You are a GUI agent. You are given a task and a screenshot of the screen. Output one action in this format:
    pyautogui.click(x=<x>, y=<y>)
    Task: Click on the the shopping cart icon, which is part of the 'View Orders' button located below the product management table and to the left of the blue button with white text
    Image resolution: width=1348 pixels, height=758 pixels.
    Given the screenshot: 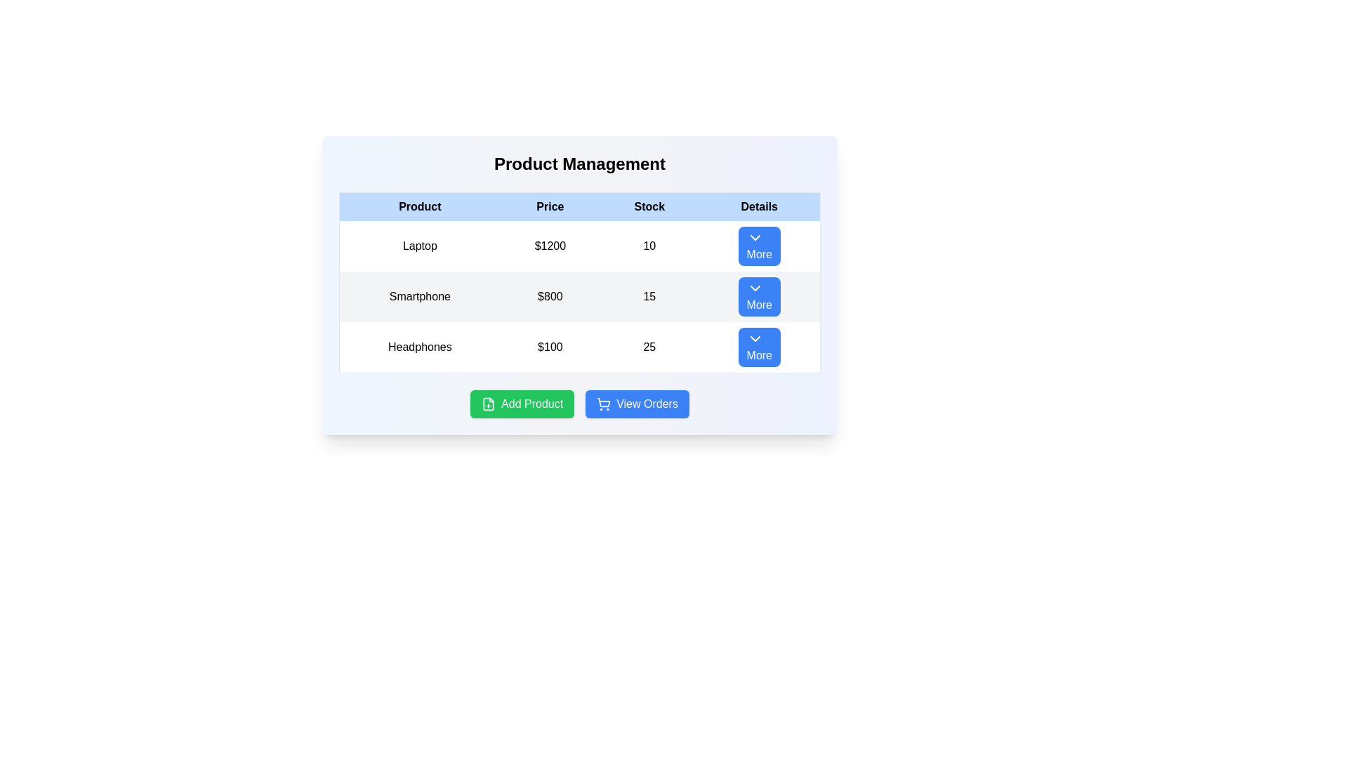 What is the action you would take?
    pyautogui.click(x=604, y=404)
    